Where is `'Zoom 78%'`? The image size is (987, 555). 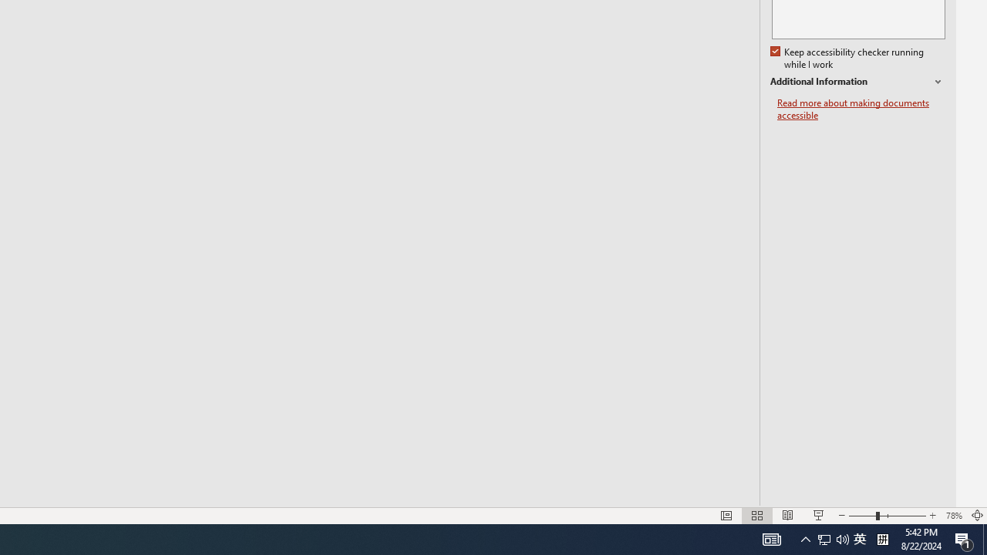
'Zoom 78%' is located at coordinates (953, 516).